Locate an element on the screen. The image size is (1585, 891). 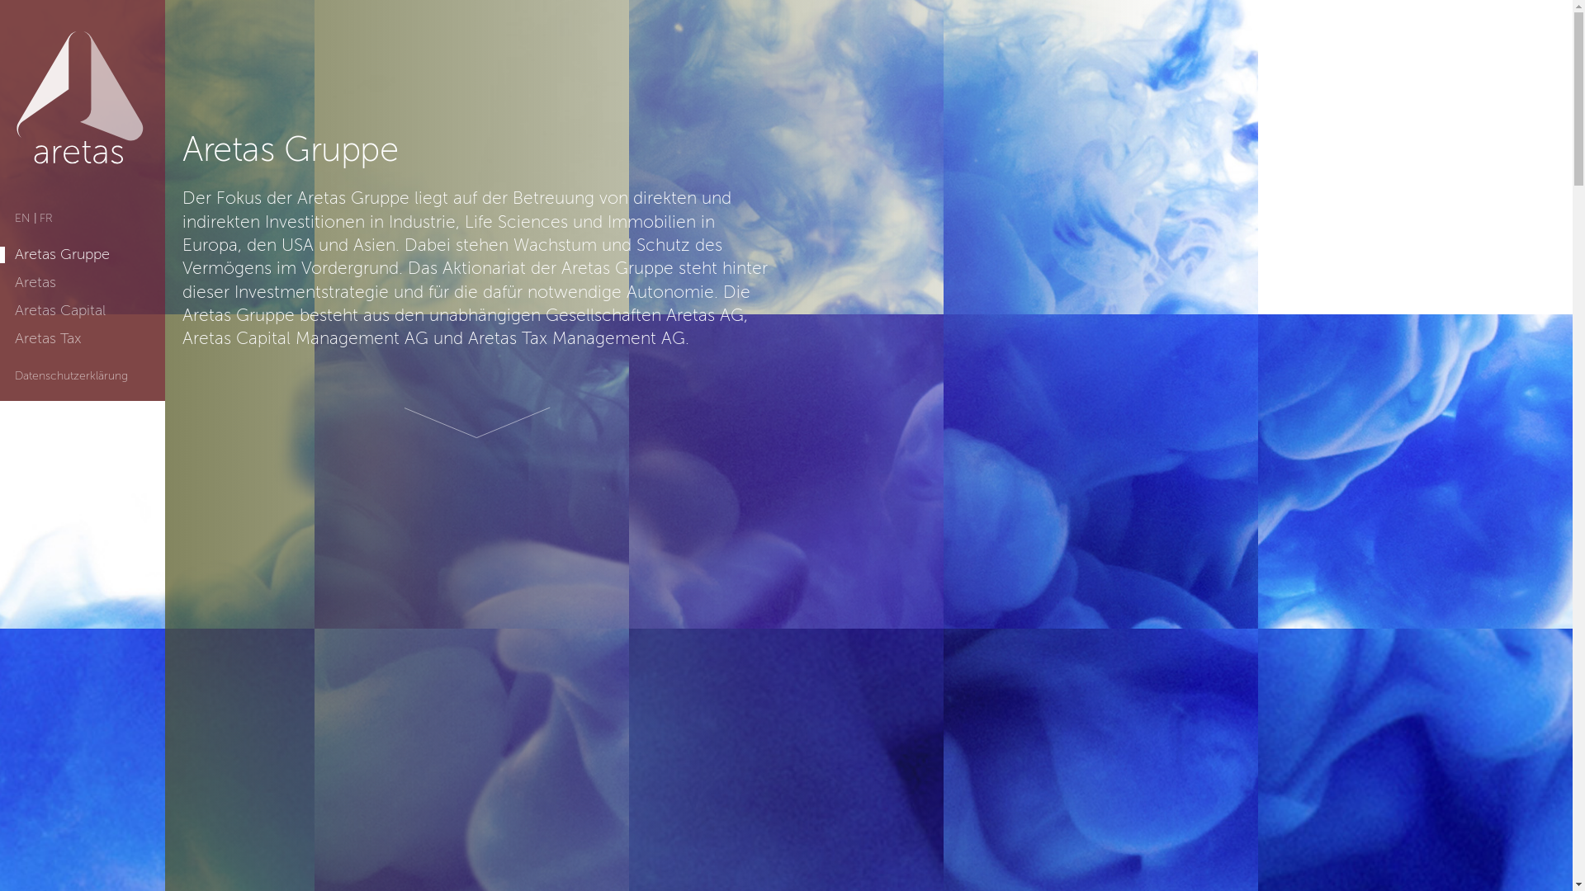
'Aretas Gruppe' is located at coordinates (62, 254).